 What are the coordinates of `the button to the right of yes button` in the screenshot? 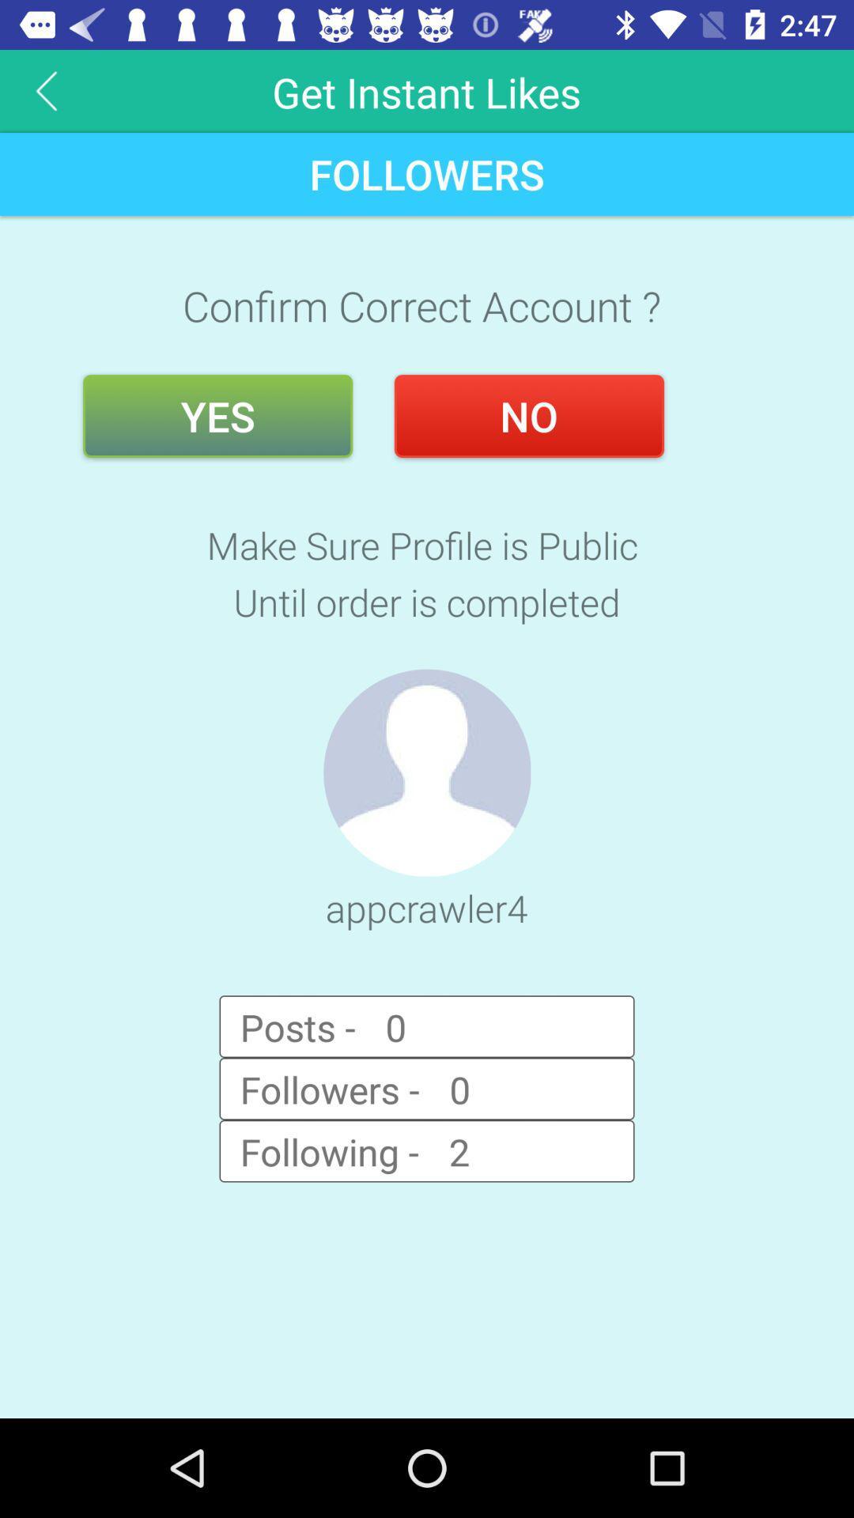 It's located at (529, 416).